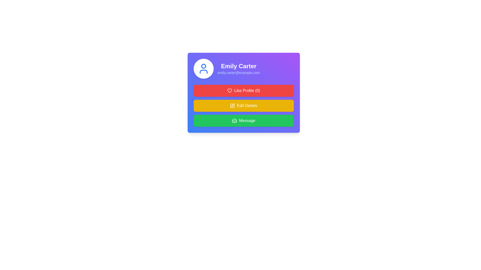 The height and width of the screenshot is (270, 481). What do you see at coordinates (203, 68) in the screenshot?
I see `the user profile SVG icon, which is a blue circular graphic representing a user avatar, located above the text 'Emily Carter' and her email address` at bounding box center [203, 68].